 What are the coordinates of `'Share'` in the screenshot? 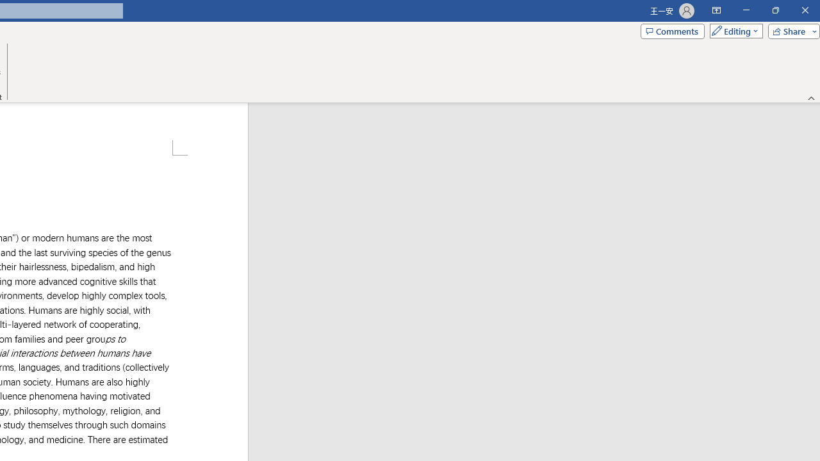 It's located at (791, 30).